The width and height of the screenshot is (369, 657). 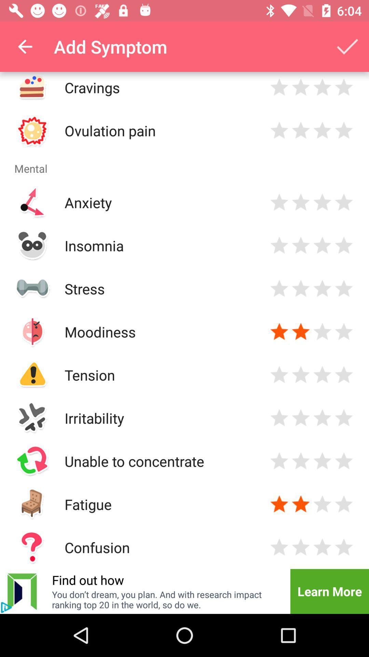 I want to click on rating, so click(x=344, y=417).